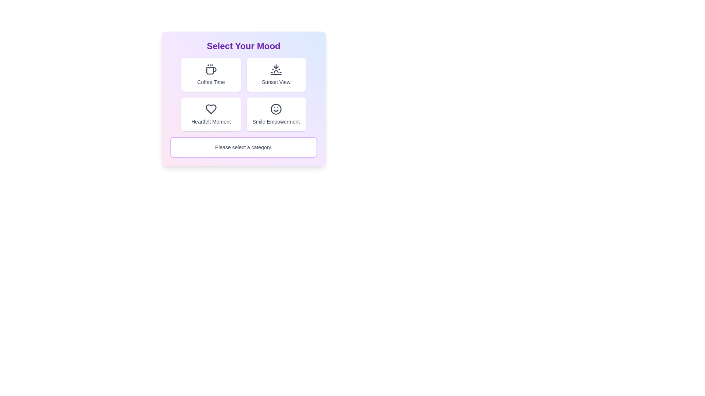  What do you see at coordinates (276, 75) in the screenshot?
I see `the 'Sunset View' button, which is the second item in the top row of the grid layout` at bounding box center [276, 75].